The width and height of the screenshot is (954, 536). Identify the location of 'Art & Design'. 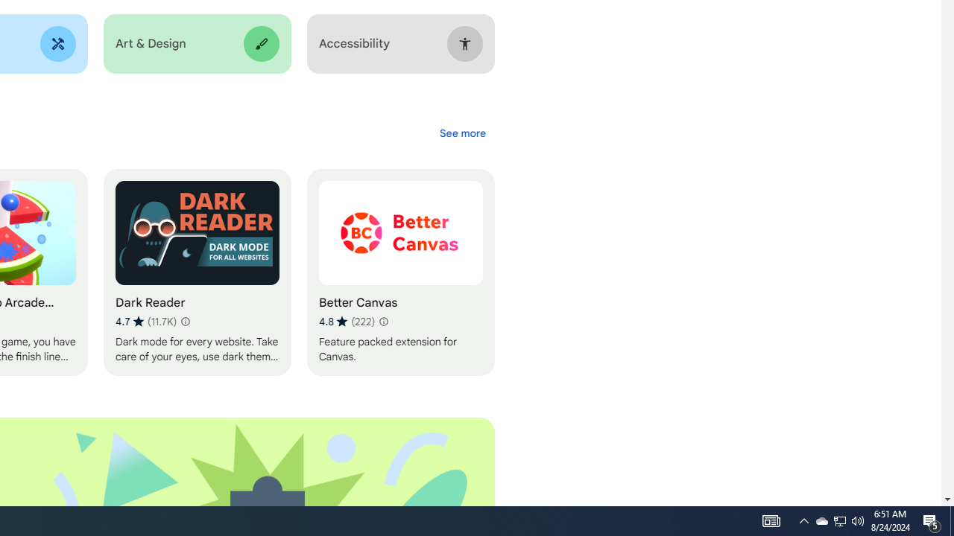
(196, 43).